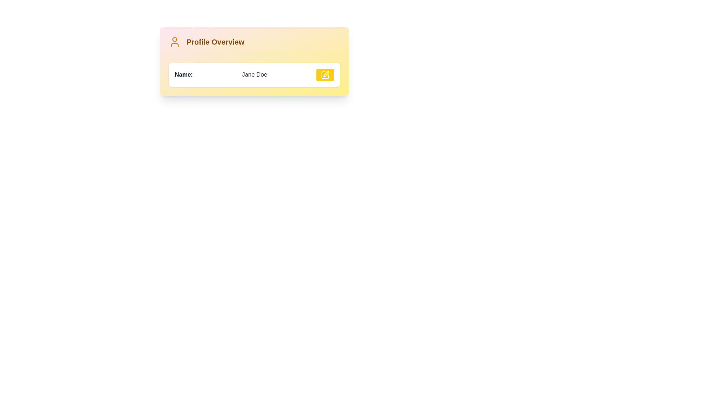 The height and width of the screenshot is (398, 708). Describe the element at coordinates (325, 75) in the screenshot. I see `the yellow button with a pen icon located on the right side of the 'Name: Jane Doe' row in the 'Profile Overview' section to initiate an edit action` at that location.